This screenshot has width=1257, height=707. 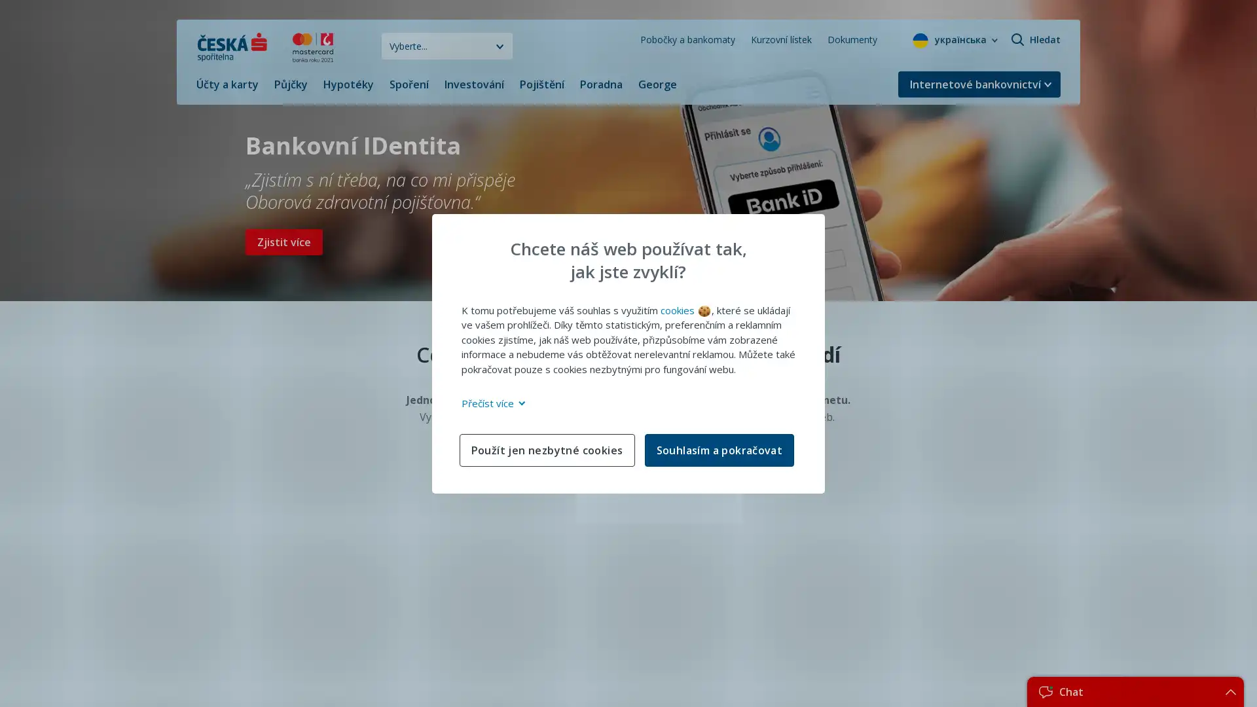 I want to click on Souhlasim a pokracovat, so click(x=718, y=448).